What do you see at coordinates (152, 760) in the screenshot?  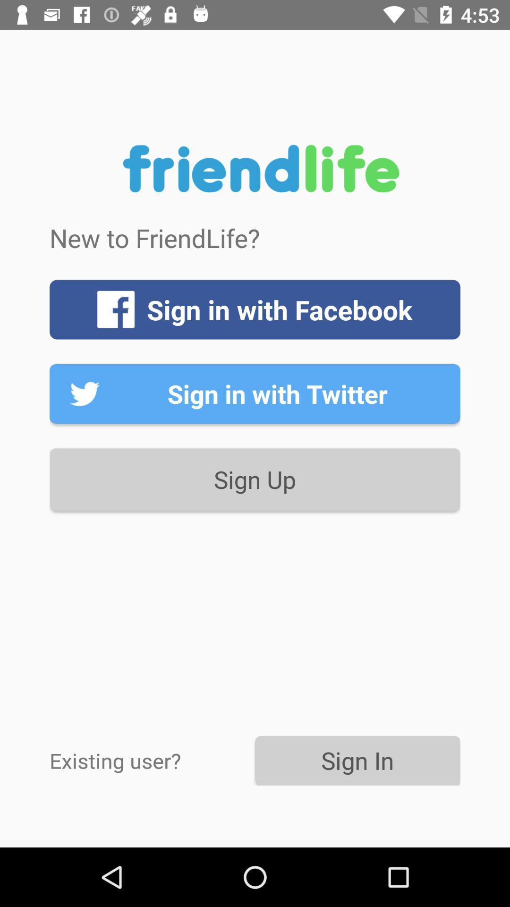 I see `the icon next to sign in icon` at bounding box center [152, 760].